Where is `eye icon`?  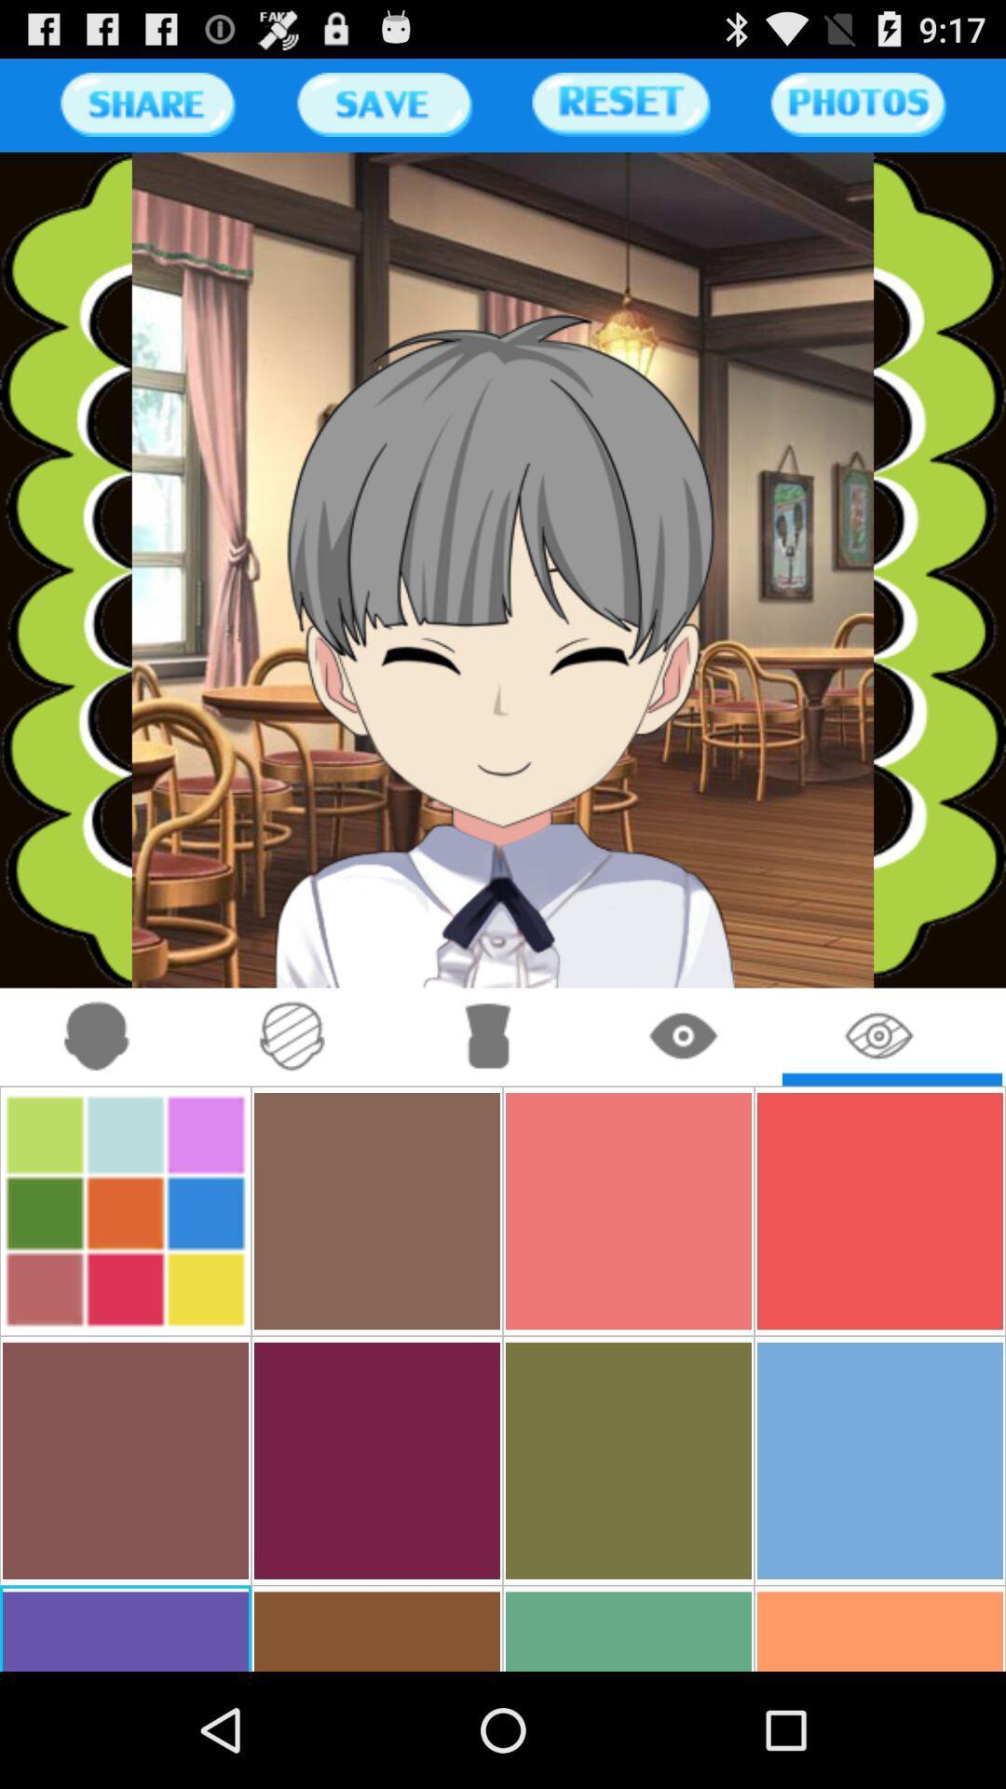
eye icon is located at coordinates (880, 1036).